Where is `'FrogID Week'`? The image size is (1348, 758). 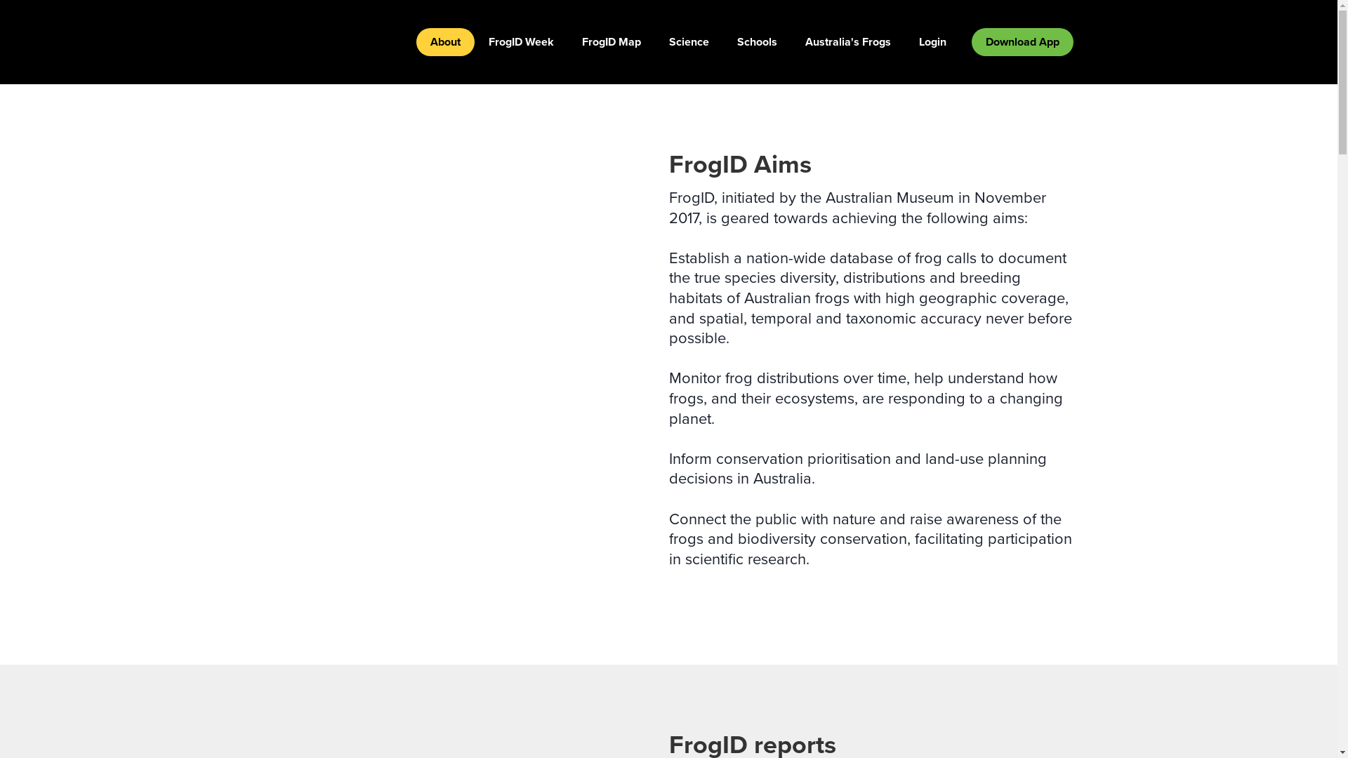
'FrogID Week' is located at coordinates (520, 40).